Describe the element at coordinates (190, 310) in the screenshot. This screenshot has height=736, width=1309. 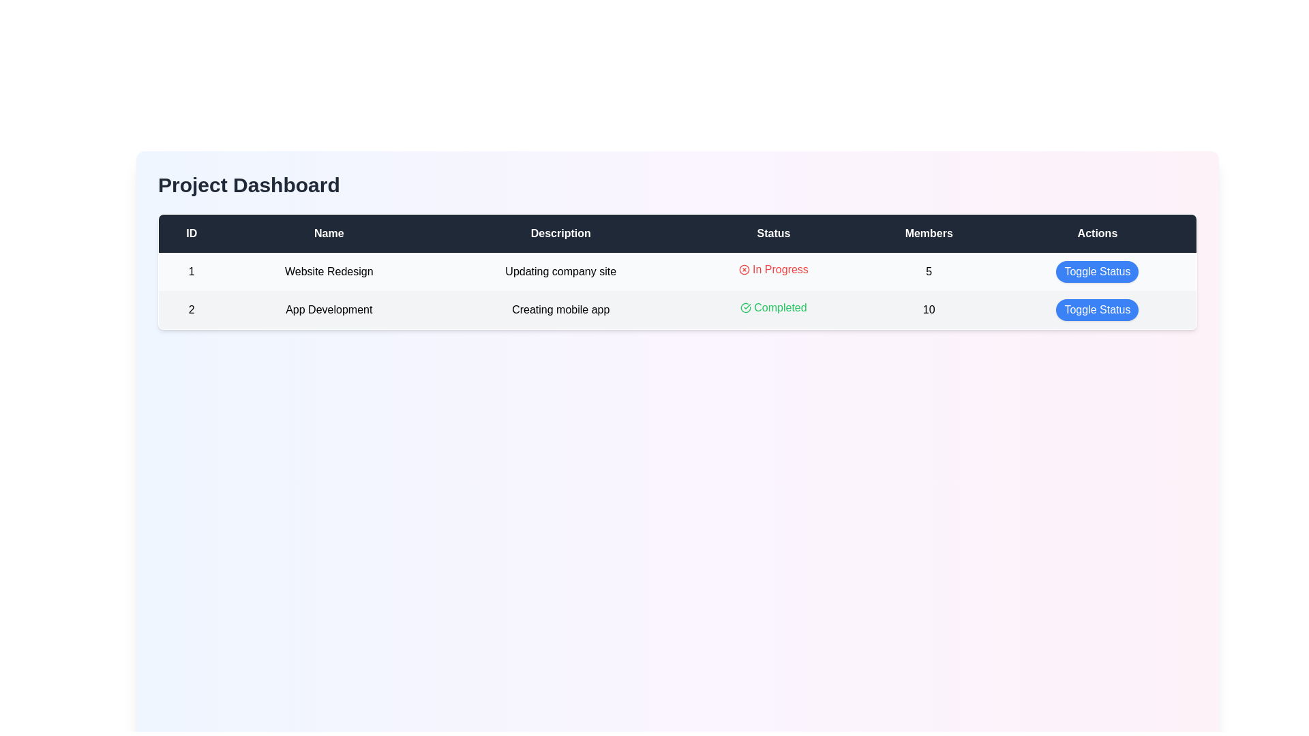
I see `the Text Label displaying the numeric identifier '2' in the leftmost column of the second row of the data table, which is styled in a regular black font and part of a light gray table row` at that location.